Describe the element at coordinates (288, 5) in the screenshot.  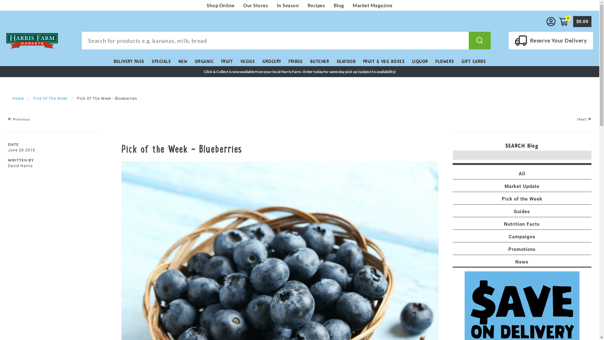
I see `'In Season'` at that location.